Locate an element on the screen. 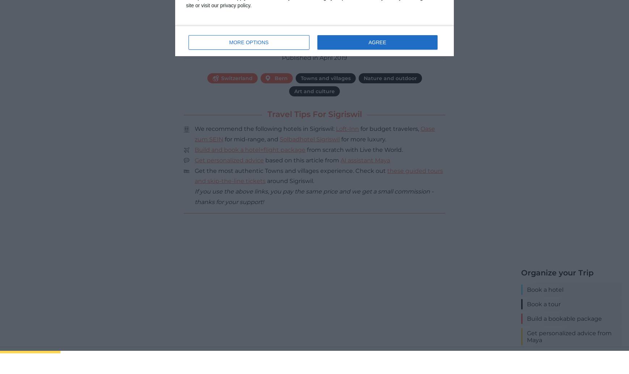 The height and width of the screenshot is (374, 629). 'Art and culture' is located at coordinates (314, 91).